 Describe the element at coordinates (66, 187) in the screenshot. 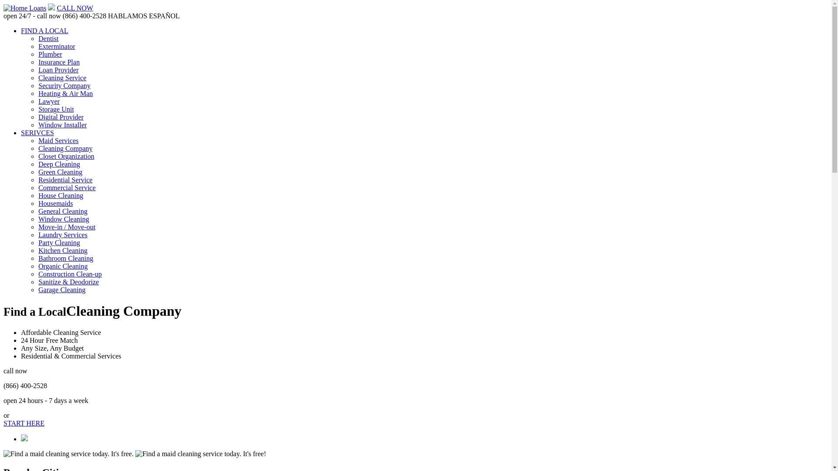

I see `'Commercial Service'` at that location.